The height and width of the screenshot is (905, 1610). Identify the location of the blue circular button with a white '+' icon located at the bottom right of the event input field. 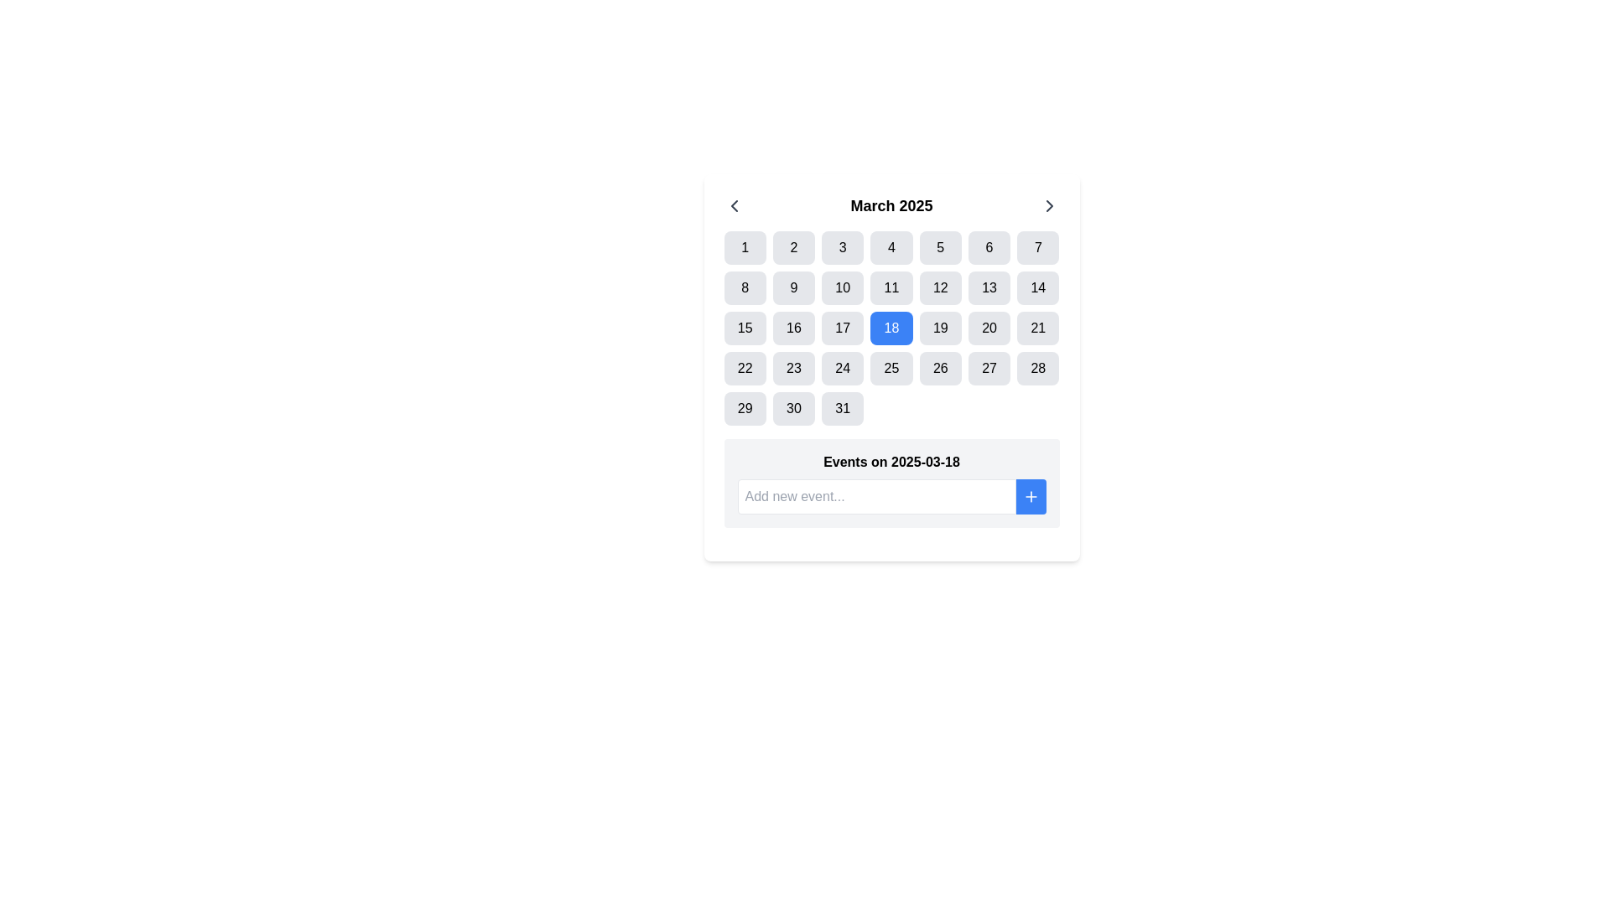
(1030, 496).